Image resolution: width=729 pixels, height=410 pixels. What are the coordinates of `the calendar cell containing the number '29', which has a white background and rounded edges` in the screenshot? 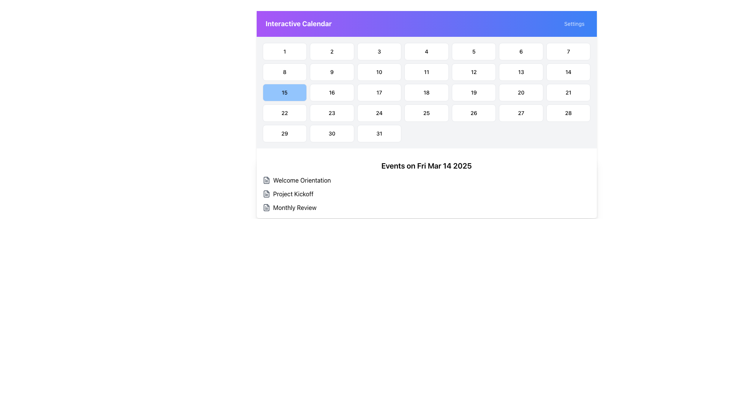 It's located at (284, 133).